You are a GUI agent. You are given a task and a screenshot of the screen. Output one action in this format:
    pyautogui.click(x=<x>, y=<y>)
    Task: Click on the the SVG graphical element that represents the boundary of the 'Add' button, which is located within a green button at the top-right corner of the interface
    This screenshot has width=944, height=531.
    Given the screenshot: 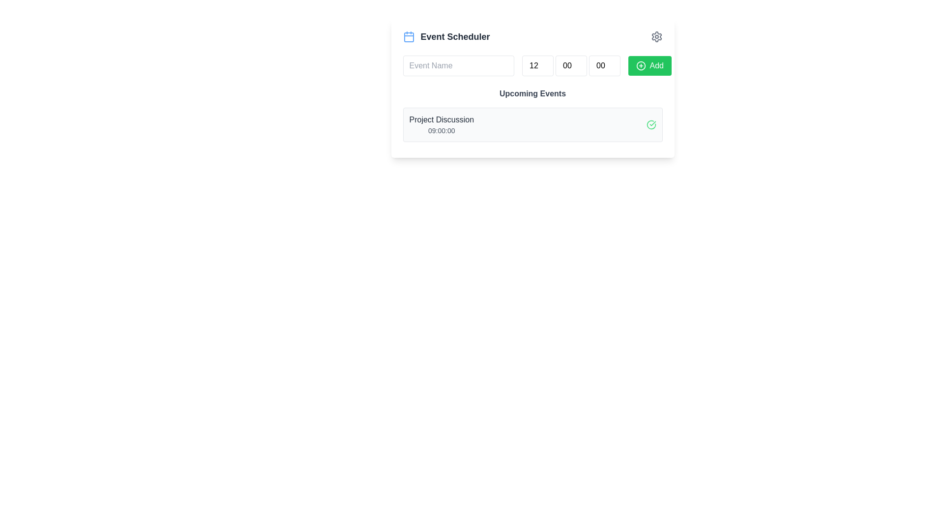 What is the action you would take?
    pyautogui.click(x=641, y=66)
    